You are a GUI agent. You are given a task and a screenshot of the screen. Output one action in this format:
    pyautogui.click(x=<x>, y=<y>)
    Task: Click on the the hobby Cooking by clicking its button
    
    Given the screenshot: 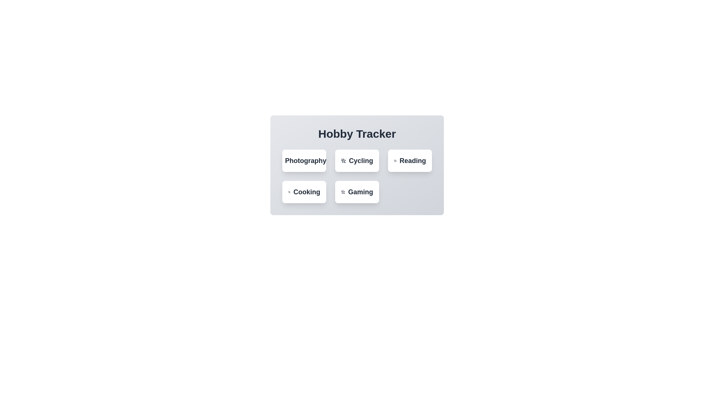 What is the action you would take?
    pyautogui.click(x=304, y=192)
    